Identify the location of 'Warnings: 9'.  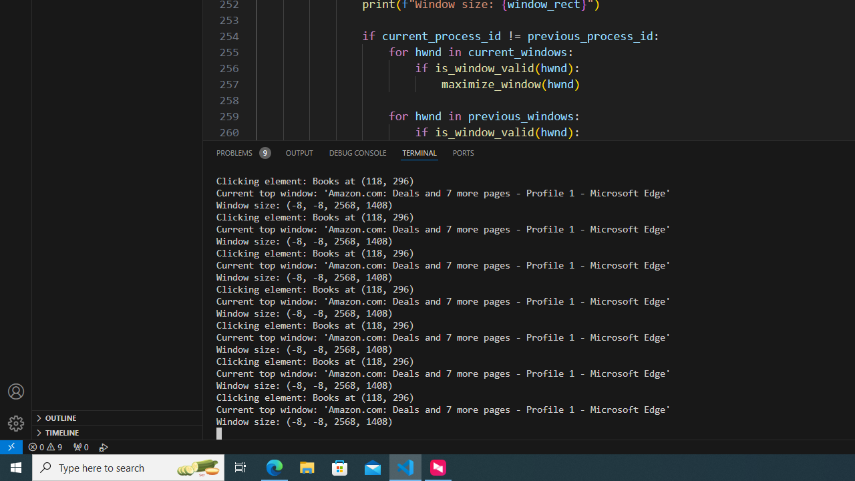
(45, 446).